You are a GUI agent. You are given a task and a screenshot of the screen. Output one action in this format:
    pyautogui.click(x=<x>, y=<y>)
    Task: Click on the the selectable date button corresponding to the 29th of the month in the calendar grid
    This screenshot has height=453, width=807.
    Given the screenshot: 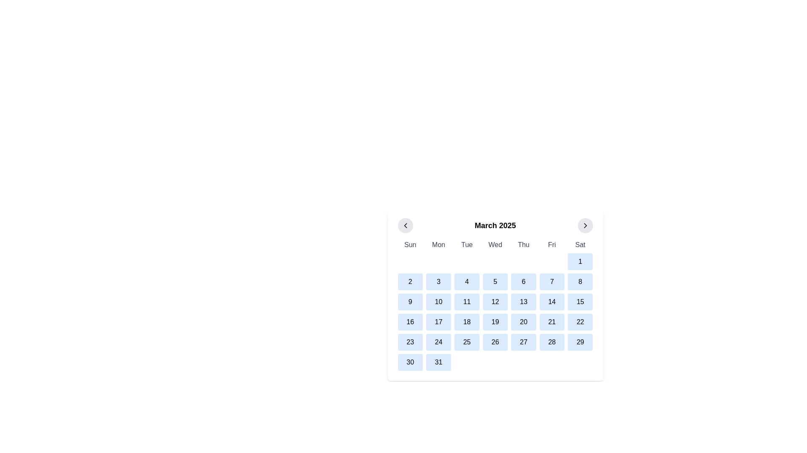 What is the action you would take?
    pyautogui.click(x=580, y=342)
    